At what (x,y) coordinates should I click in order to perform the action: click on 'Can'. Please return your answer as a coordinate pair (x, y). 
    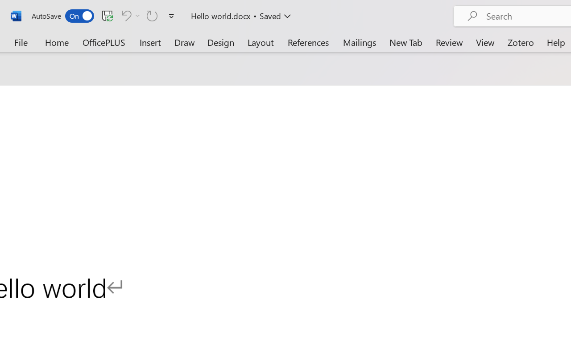
    Looking at the image, I should click on (152, 15).